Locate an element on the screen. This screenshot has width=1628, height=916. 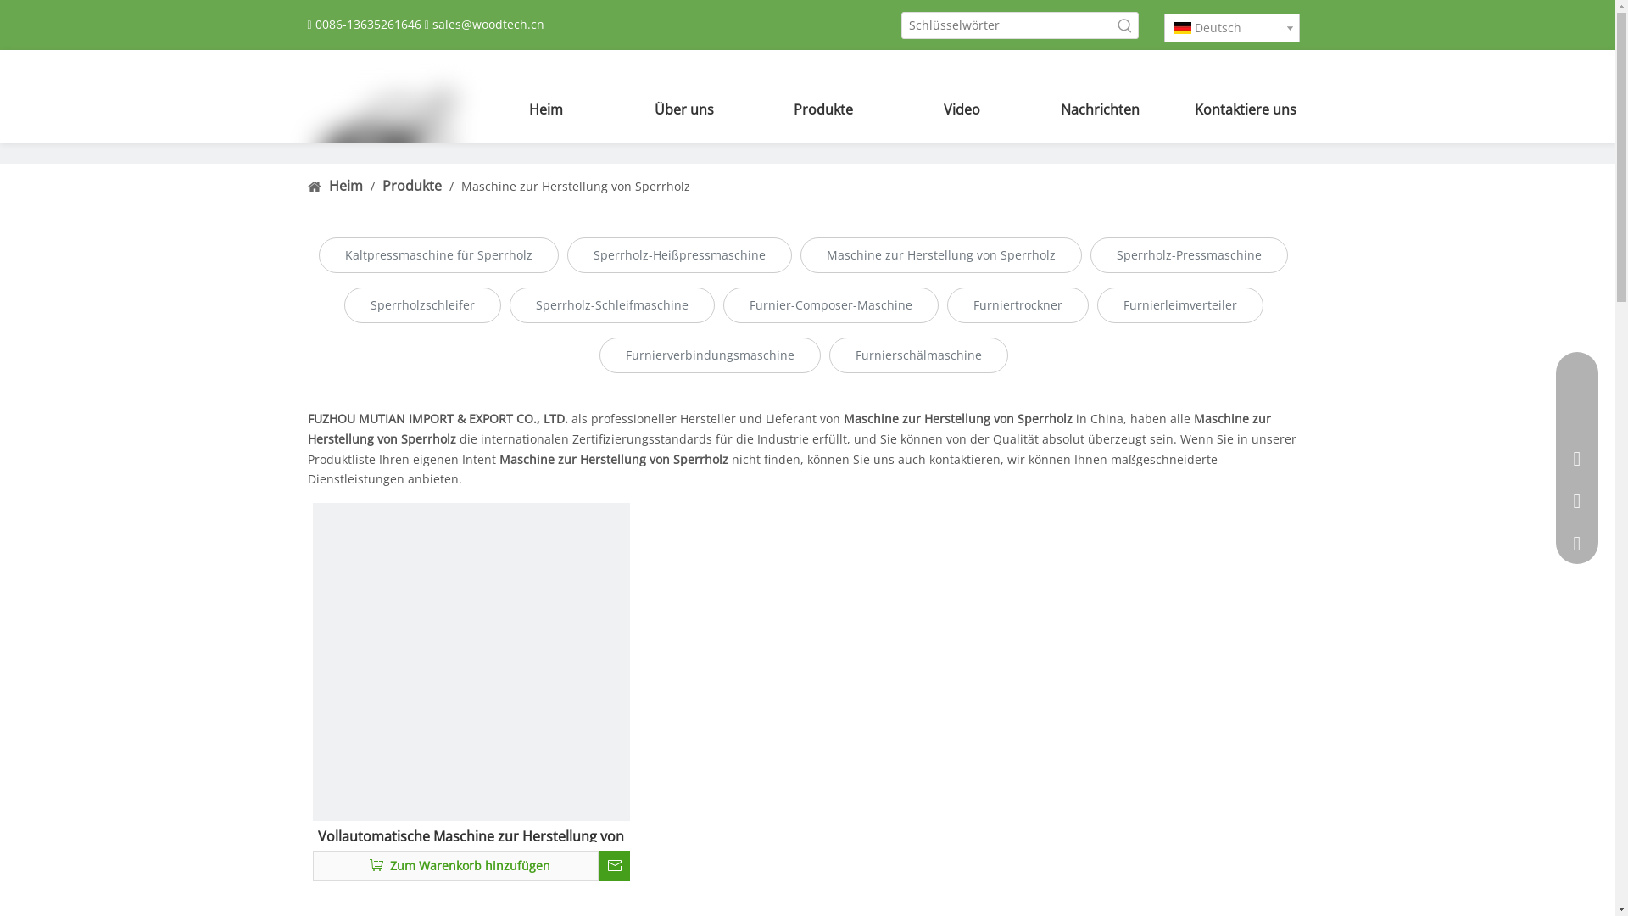
'Kontaktiere uns' is located at coordinates (1238, 109).